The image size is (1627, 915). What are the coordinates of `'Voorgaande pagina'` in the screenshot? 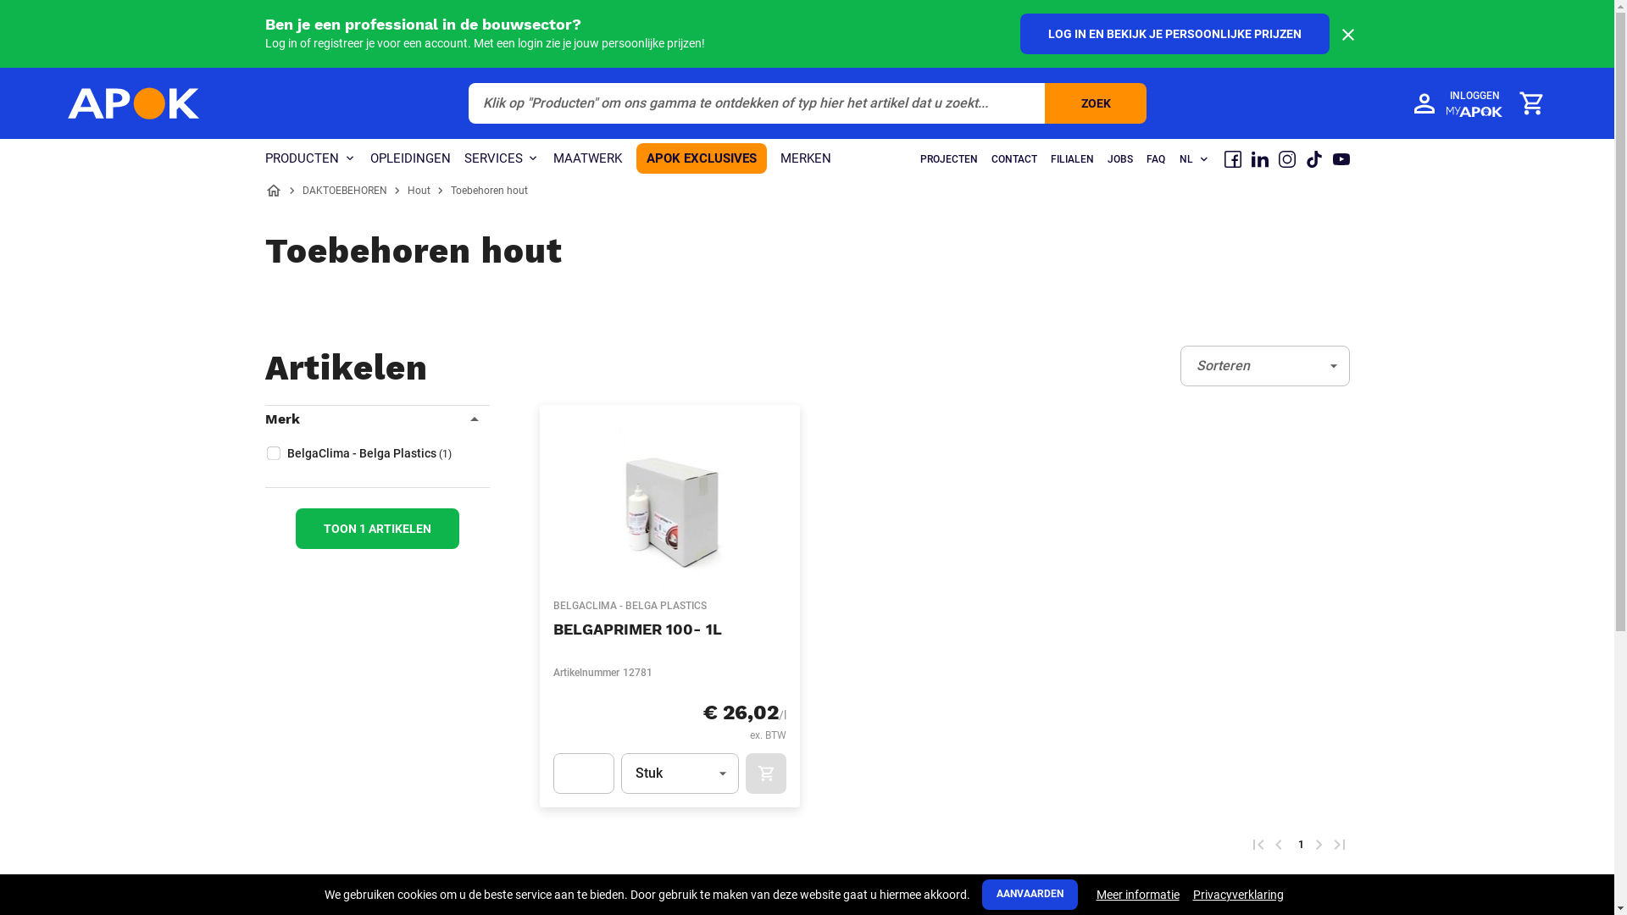 It's located at (1277, 844).